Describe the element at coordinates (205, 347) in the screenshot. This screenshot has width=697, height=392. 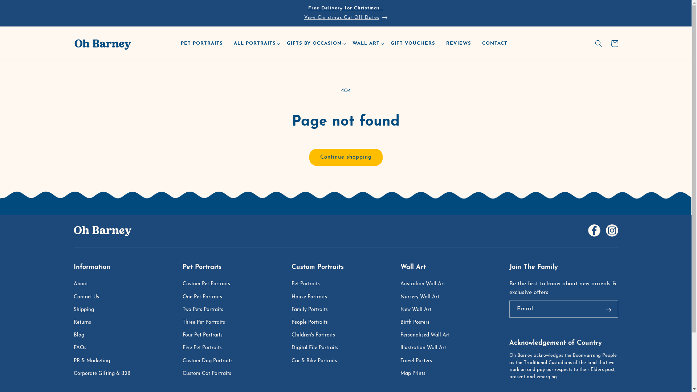
I see `'Five Pet Portraits'` at that location.